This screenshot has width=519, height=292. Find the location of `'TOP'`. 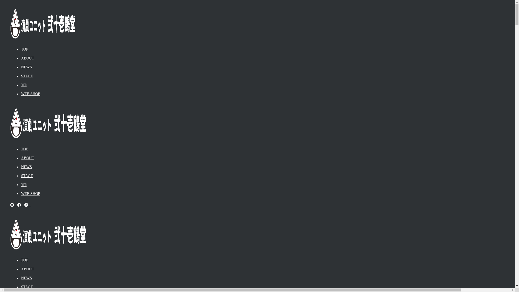

'TOP' is located at coordinates (24, 49).